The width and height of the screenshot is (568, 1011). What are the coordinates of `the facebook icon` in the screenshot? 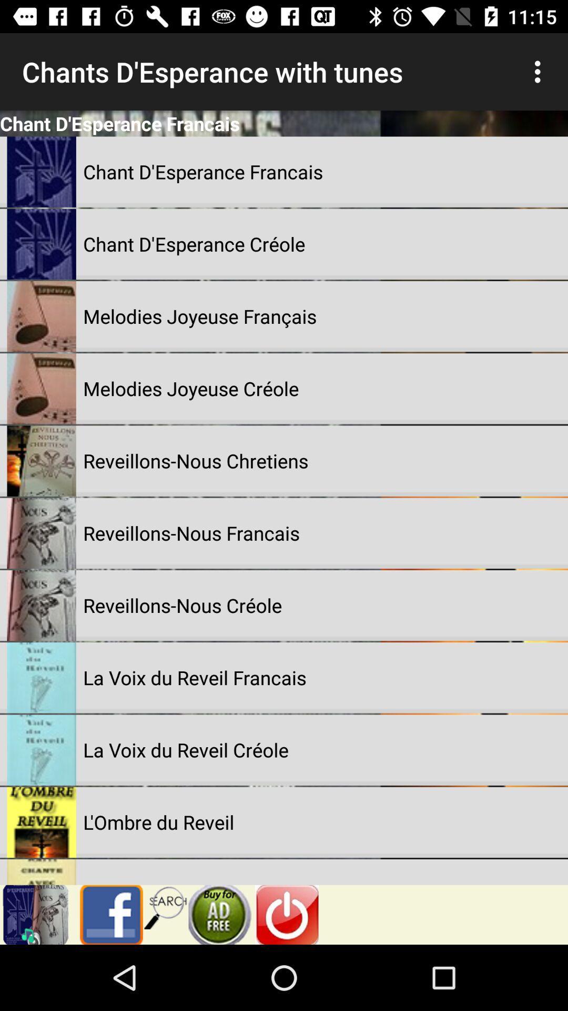 It's located at (107, 914).